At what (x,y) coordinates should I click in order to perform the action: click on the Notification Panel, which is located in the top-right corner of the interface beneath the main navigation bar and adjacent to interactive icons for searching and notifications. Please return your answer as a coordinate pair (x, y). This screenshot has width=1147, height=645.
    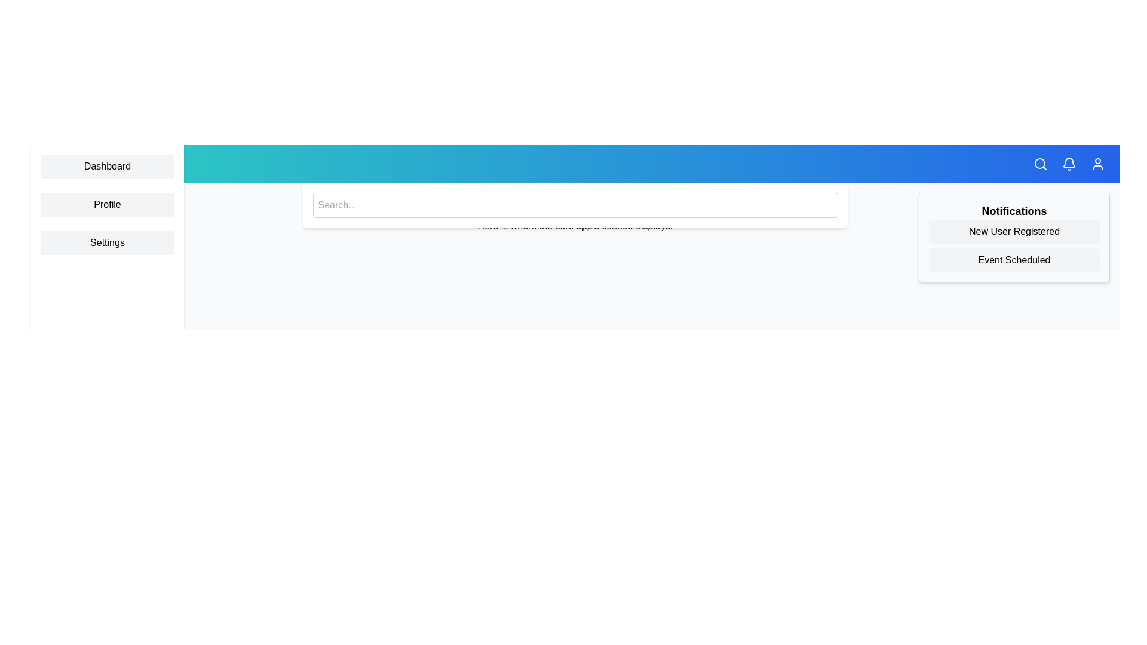
    Looking at the image, I should click on (1014, 237).